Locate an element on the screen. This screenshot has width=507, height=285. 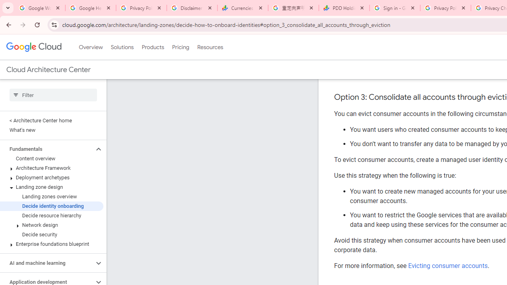
'< Architecture Center home' is located at coordinates (51, 120).